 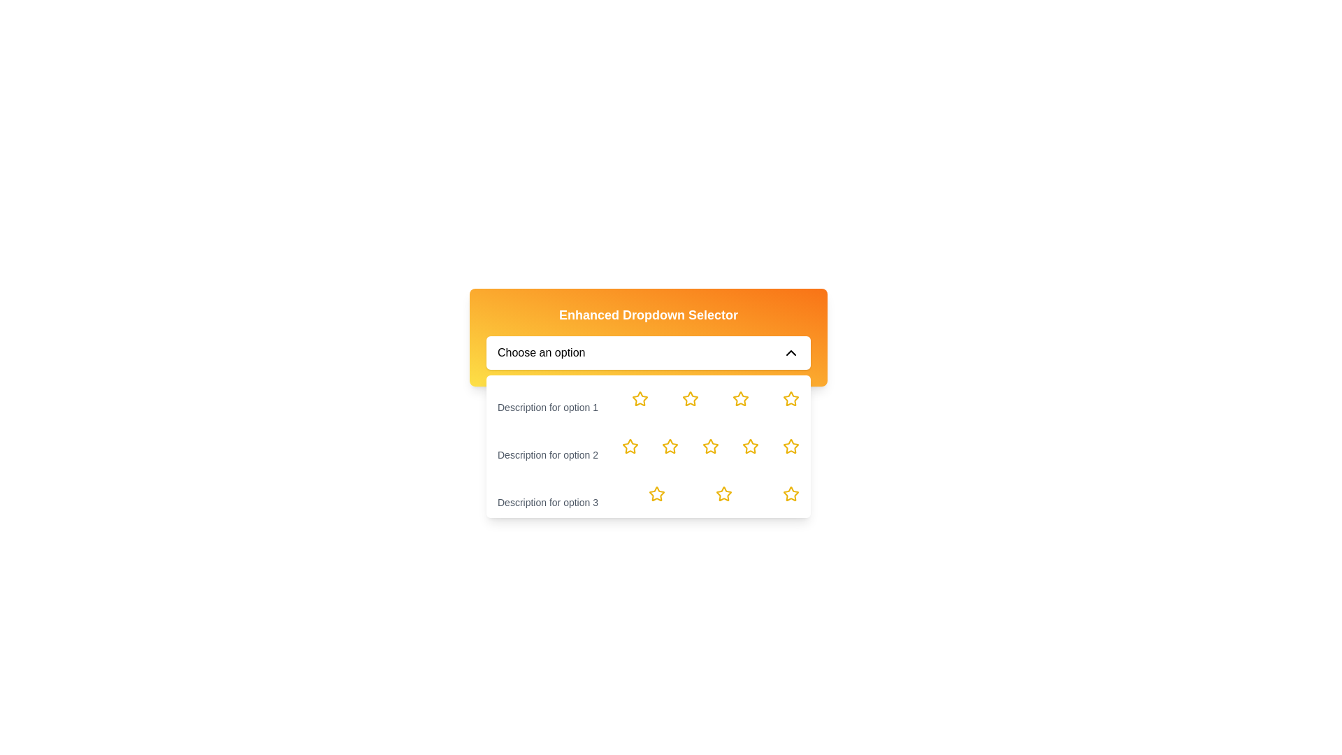 What do you see at coordinates (791, 398) in the screenshot?
I see `the star icon in the last column of the first row of the rating grid to interact with it` at bounding box center [791, 398].